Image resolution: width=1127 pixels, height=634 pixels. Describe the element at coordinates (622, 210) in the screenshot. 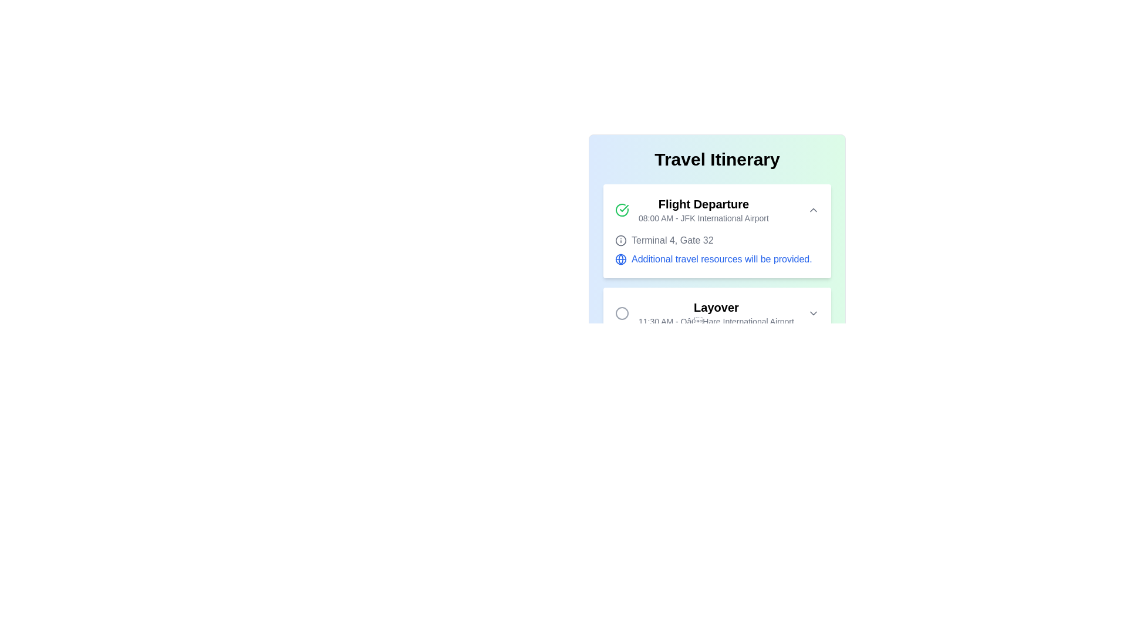

I see `the circular icon with a green outline and checkmark inside, located in the top-left corner of the 'Flight Departure' card, to indicate the flight status` at that location.